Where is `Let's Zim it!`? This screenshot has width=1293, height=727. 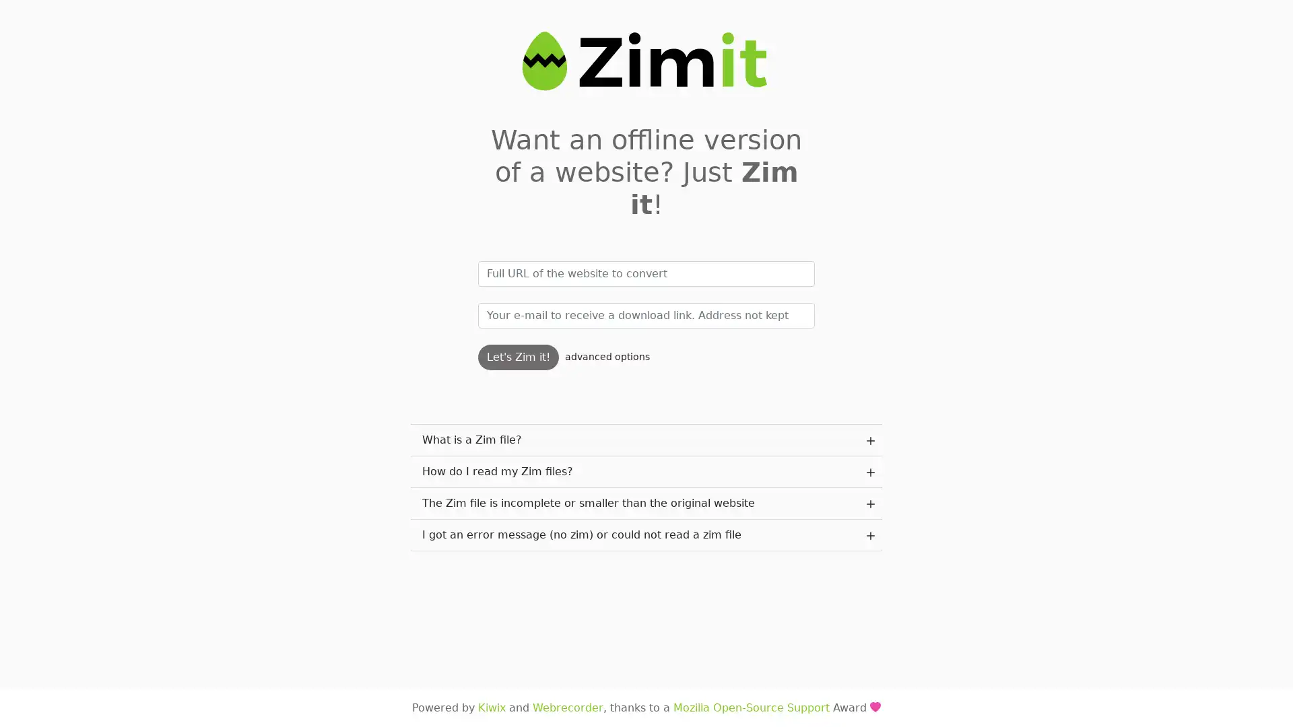 Let's Zim it! is located at coordinates (517, 355).